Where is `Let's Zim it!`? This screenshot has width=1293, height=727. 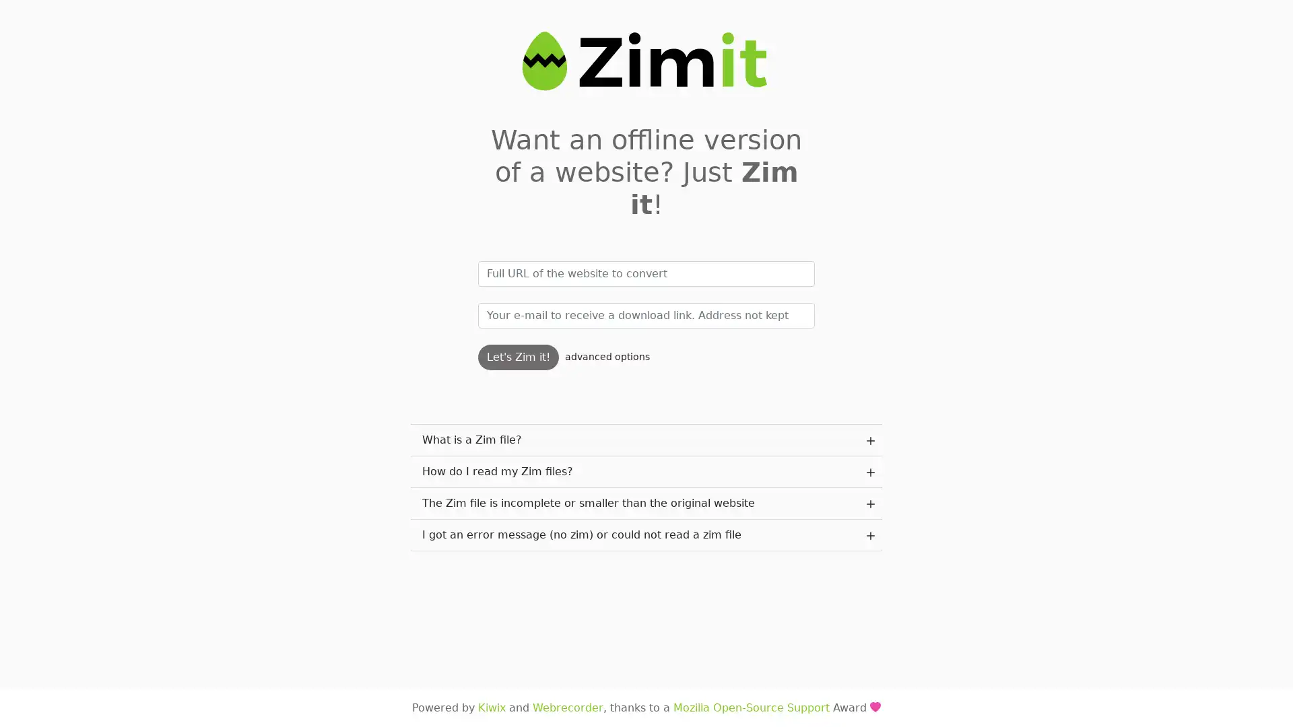 Let's Zim it! is located at coordinates (517, 355).